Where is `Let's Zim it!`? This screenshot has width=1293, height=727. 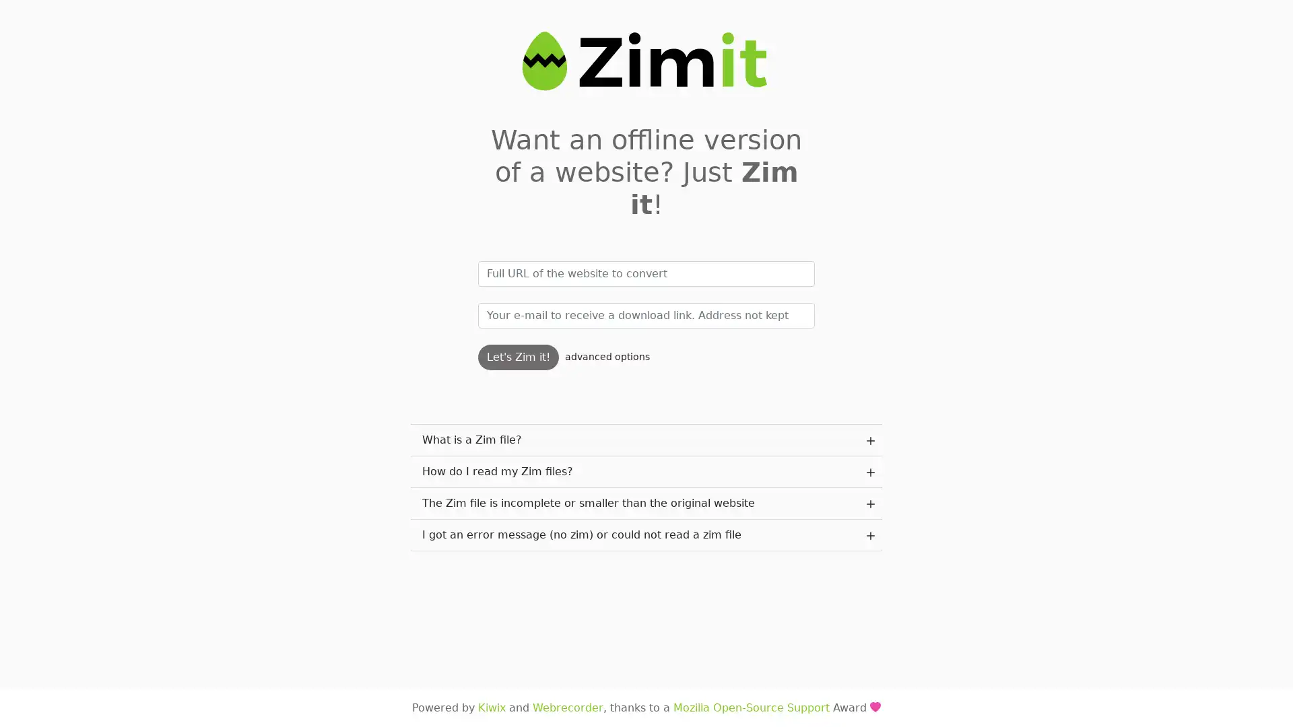 Let's Zim it! is located at coordinates (517, 355).